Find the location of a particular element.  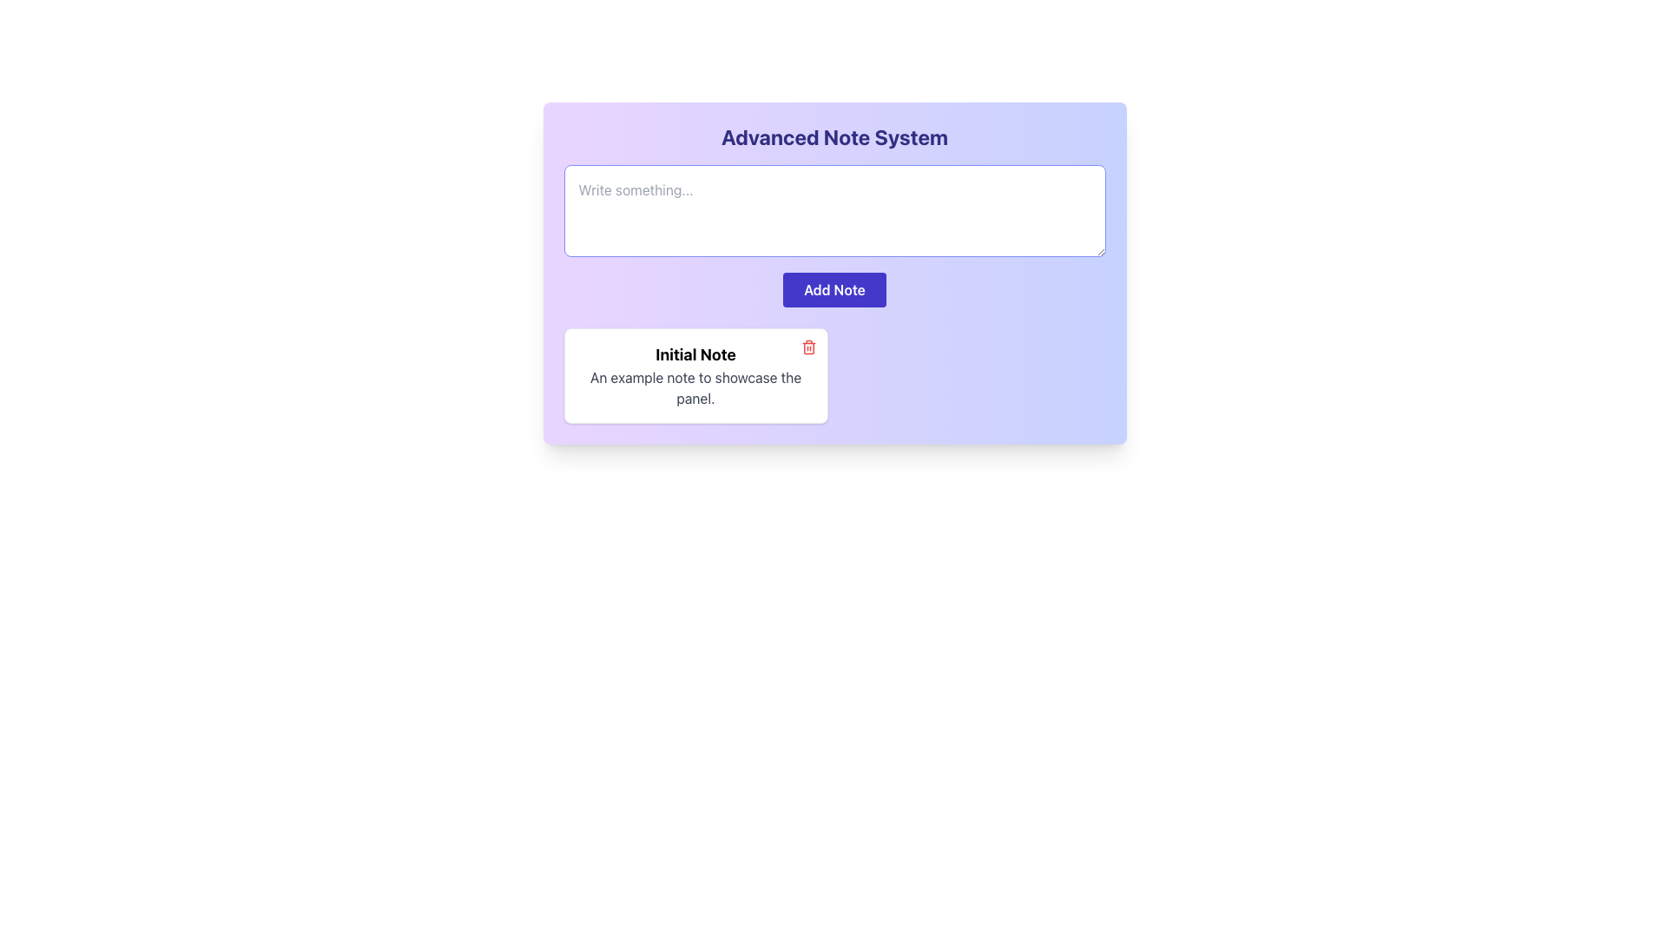

the bold and large text label that reads 'Advanced Note System' at the top of the user interface card is located at coordinates (834, 136).